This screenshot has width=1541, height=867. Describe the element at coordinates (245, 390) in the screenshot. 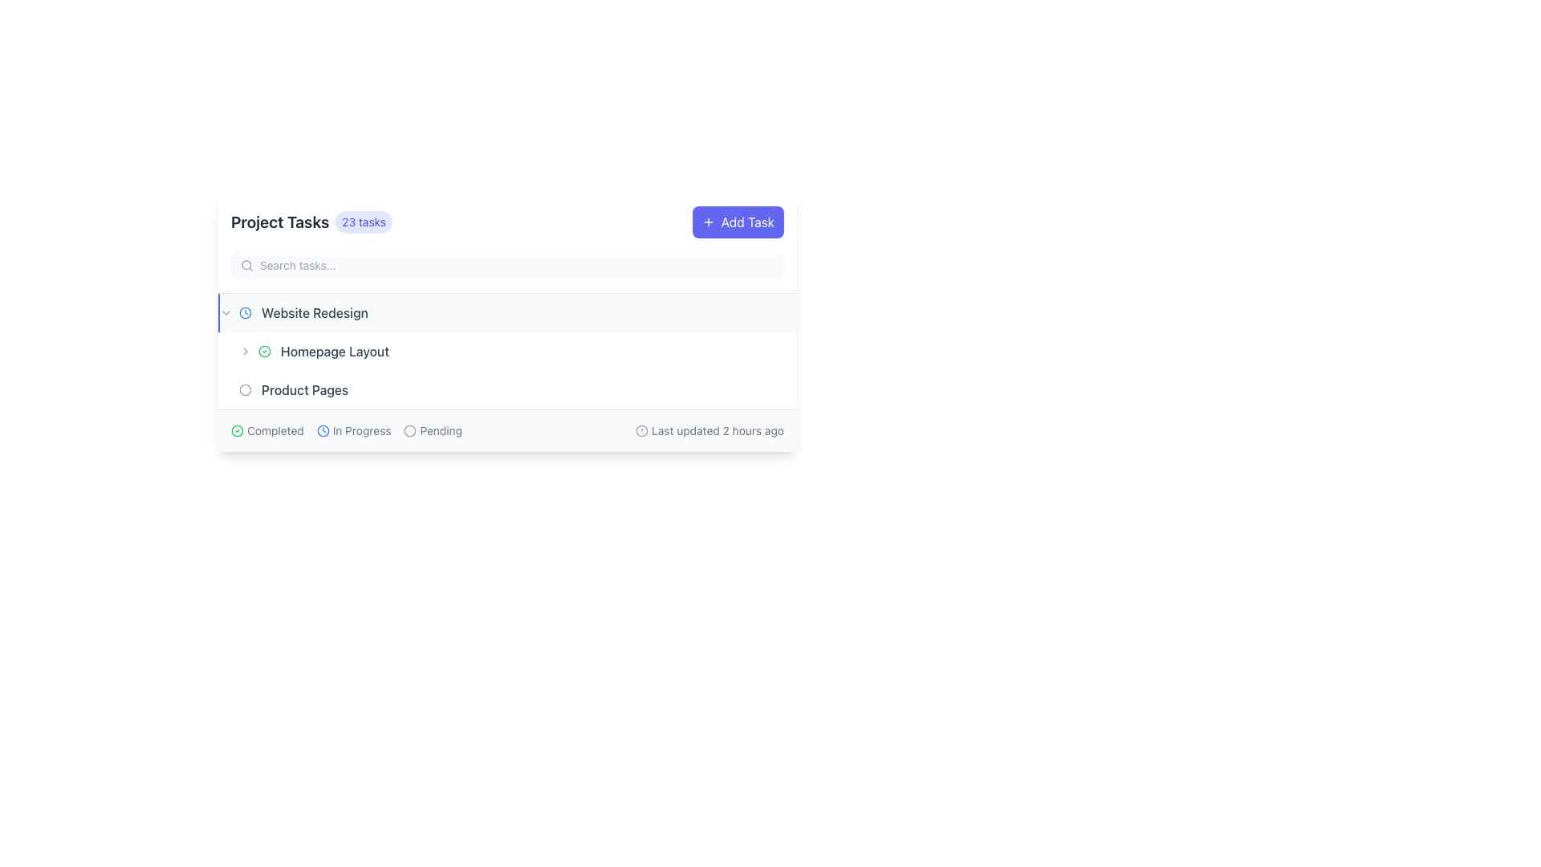

I see `the circular SVG element located slightly to the left of the 'Product Pages' text in the 'Project Tasks' UI section` at that location.